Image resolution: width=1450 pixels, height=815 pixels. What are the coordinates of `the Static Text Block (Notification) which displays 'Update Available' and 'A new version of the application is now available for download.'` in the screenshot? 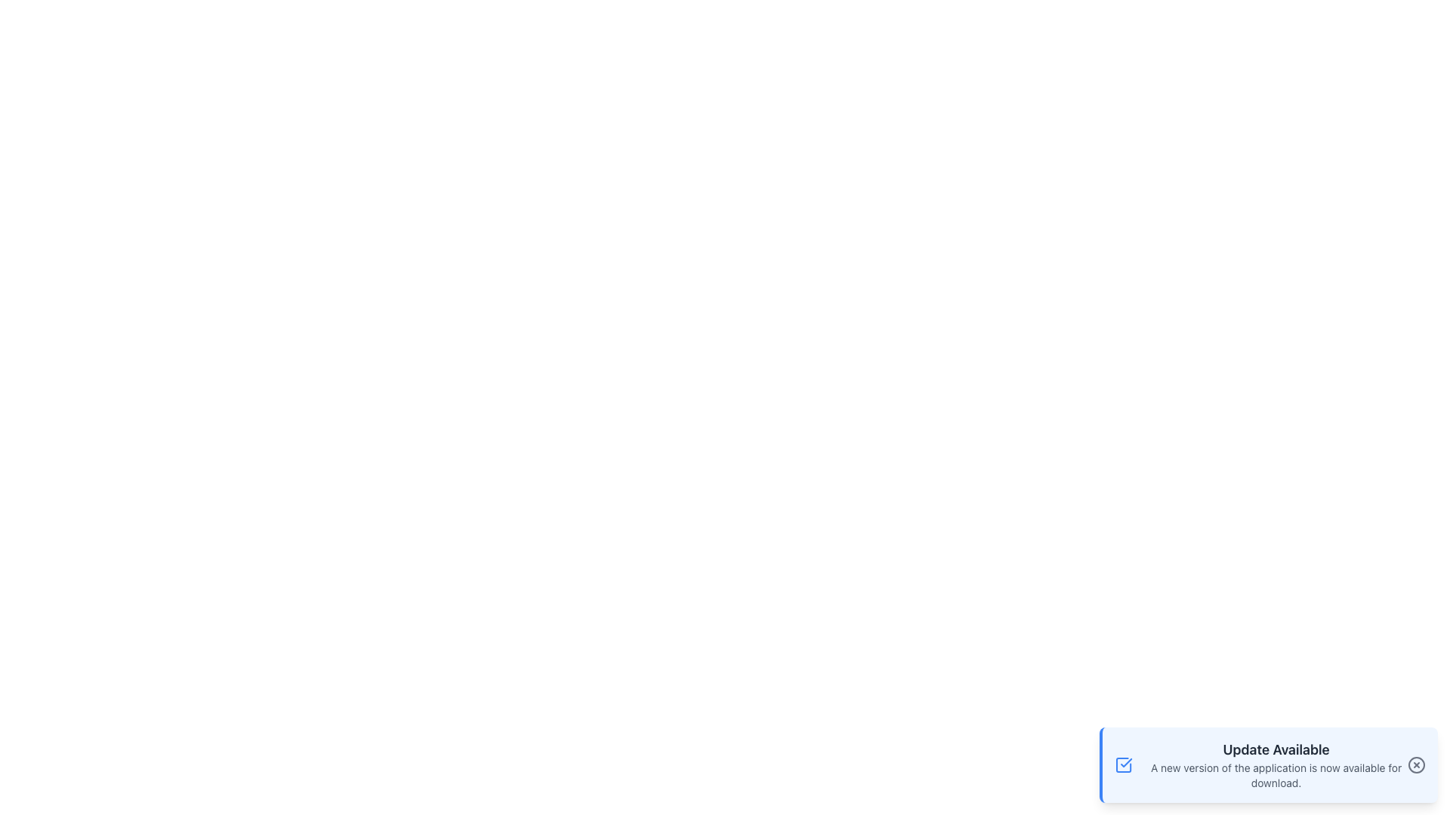 It's located at (1276, 765).